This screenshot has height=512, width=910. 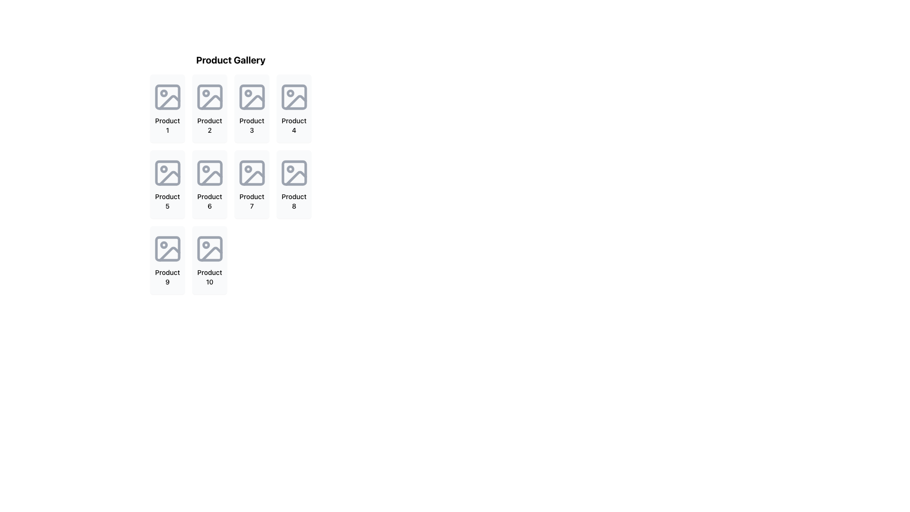 What do you see at coordinates (252, 201) in the screenshot?
I see `the text label displaying 'Product 7' in the second column, third row of the grid` at bounding box center [252, 201].